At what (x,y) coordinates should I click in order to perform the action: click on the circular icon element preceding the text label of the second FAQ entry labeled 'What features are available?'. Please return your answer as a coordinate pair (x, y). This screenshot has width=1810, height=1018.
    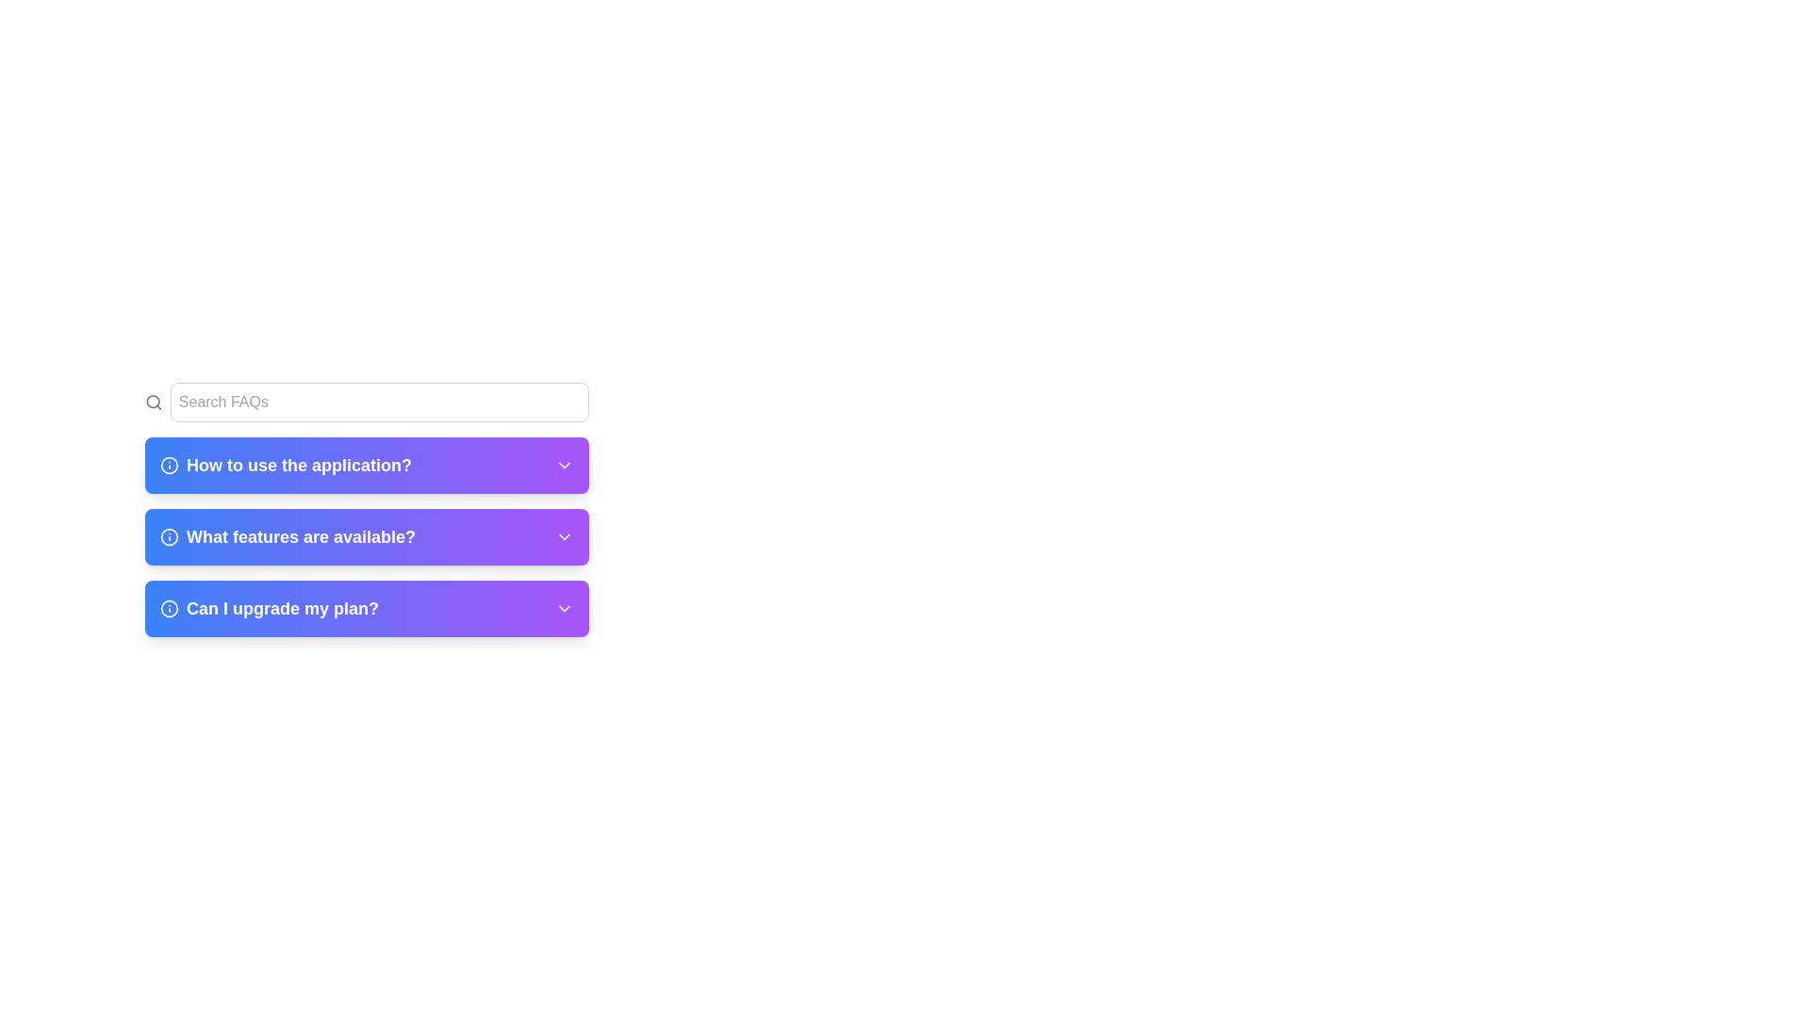
    Looking at the image, I should click on (170, 537).